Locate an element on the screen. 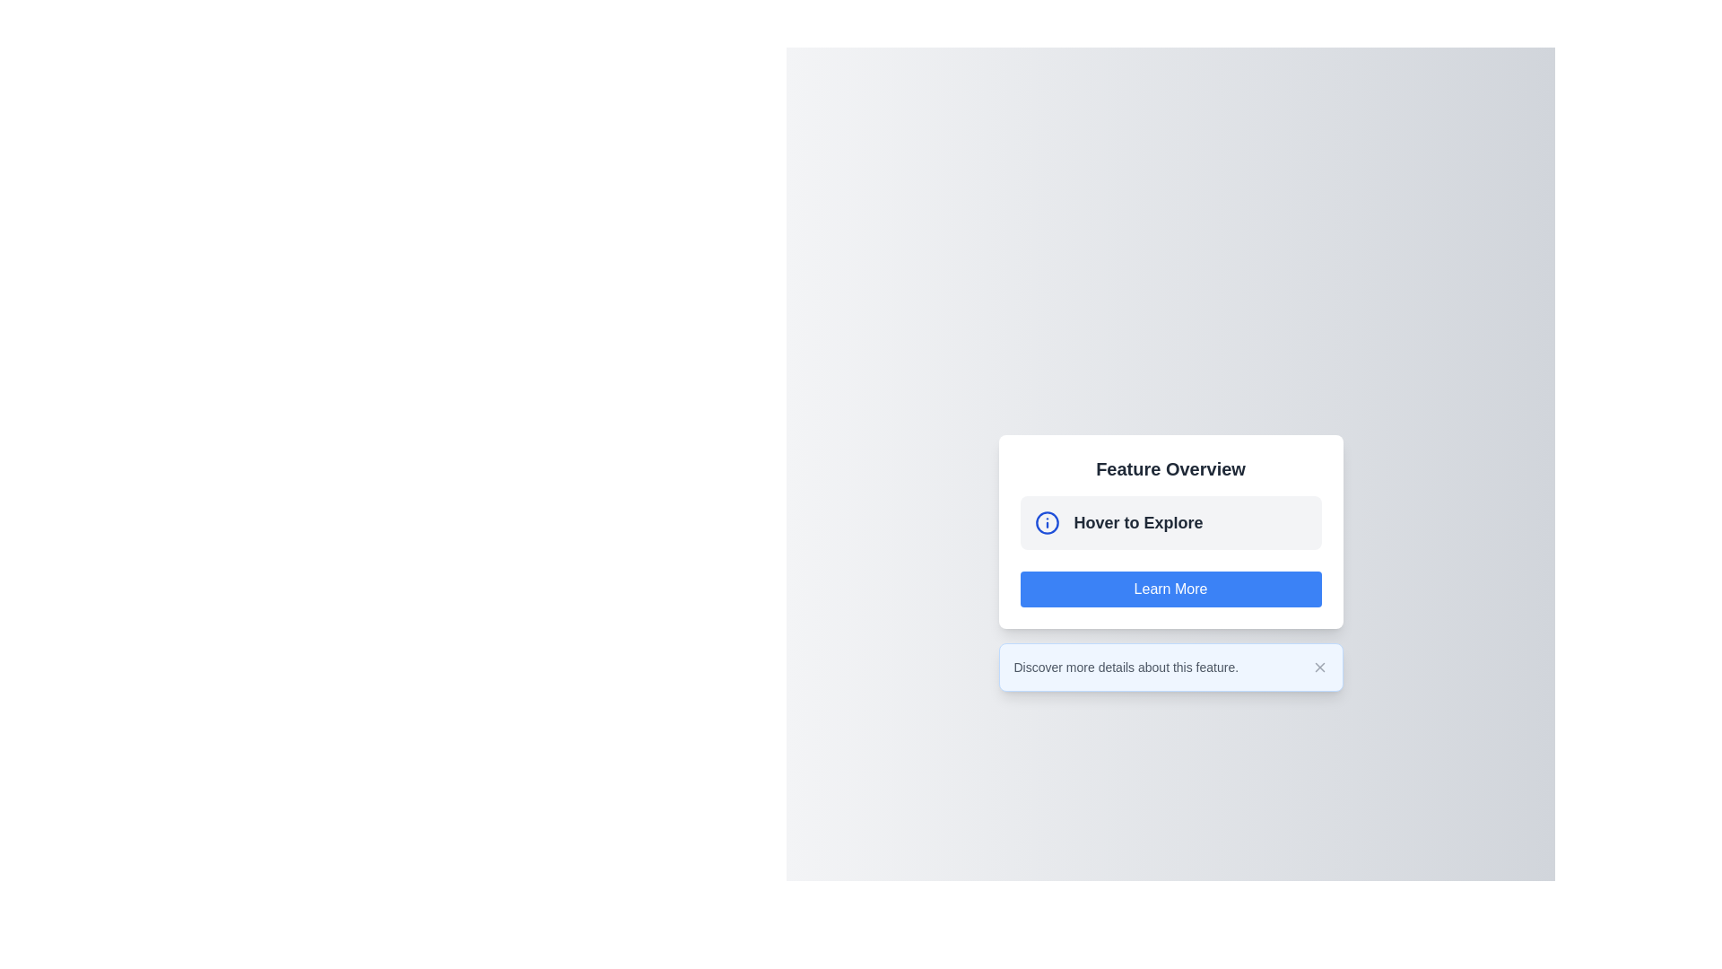 Image resolution: width=1722 pixels, height=969 pixels. the third button located beneath the 'Hover is located at coordinates (1170, 589).